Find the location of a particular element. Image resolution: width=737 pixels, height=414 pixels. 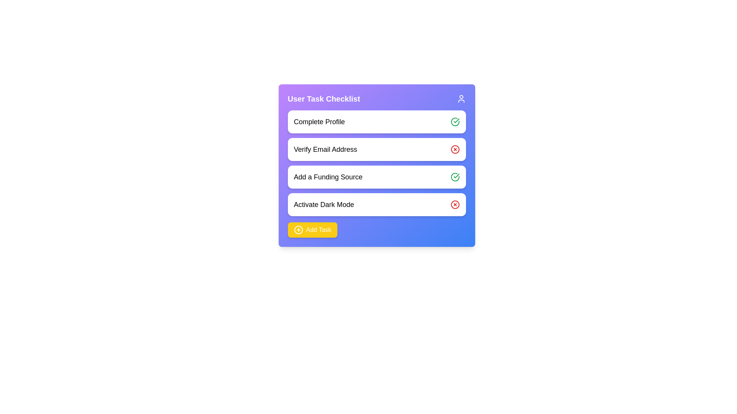

the green and white checkmark icon indicating completion of the 'Add a Funding Source' task in the checklist is located at coordinates (456, 121).